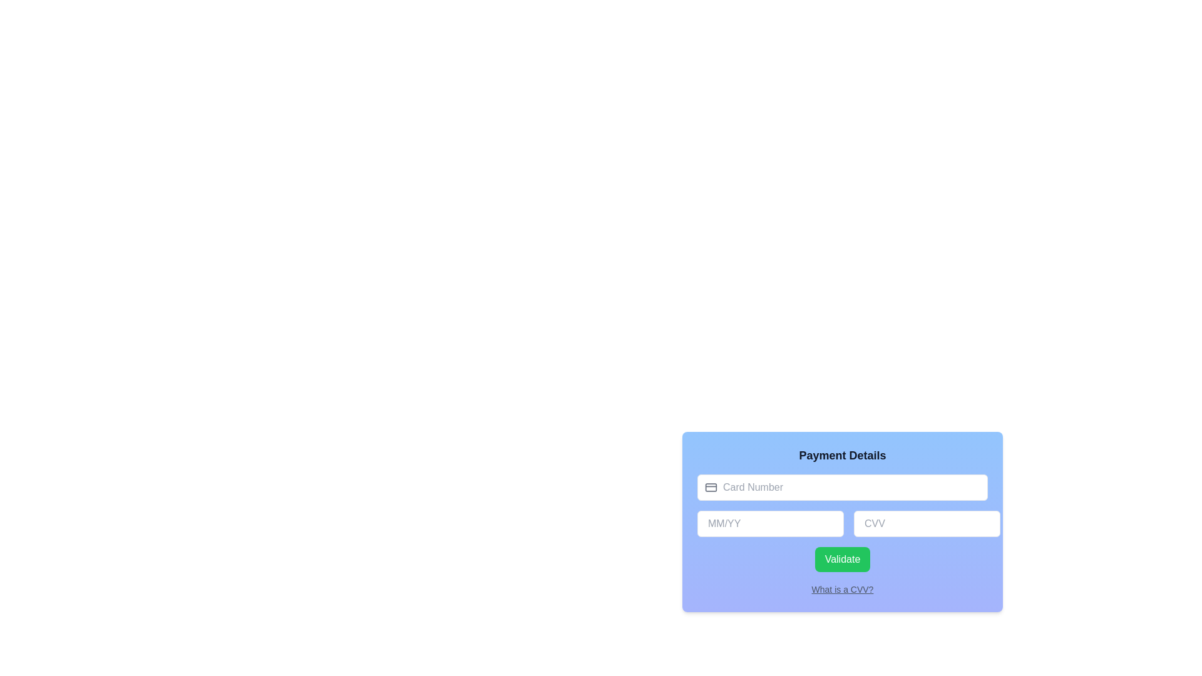 The image size is (1202, 676). Describe the element at coordinates (842, 559) in the screenshot. I see `the validation button located below the 'MM/YY' and 'CVV' input fields in the Payment Details section to initiate the validation process` at that location.